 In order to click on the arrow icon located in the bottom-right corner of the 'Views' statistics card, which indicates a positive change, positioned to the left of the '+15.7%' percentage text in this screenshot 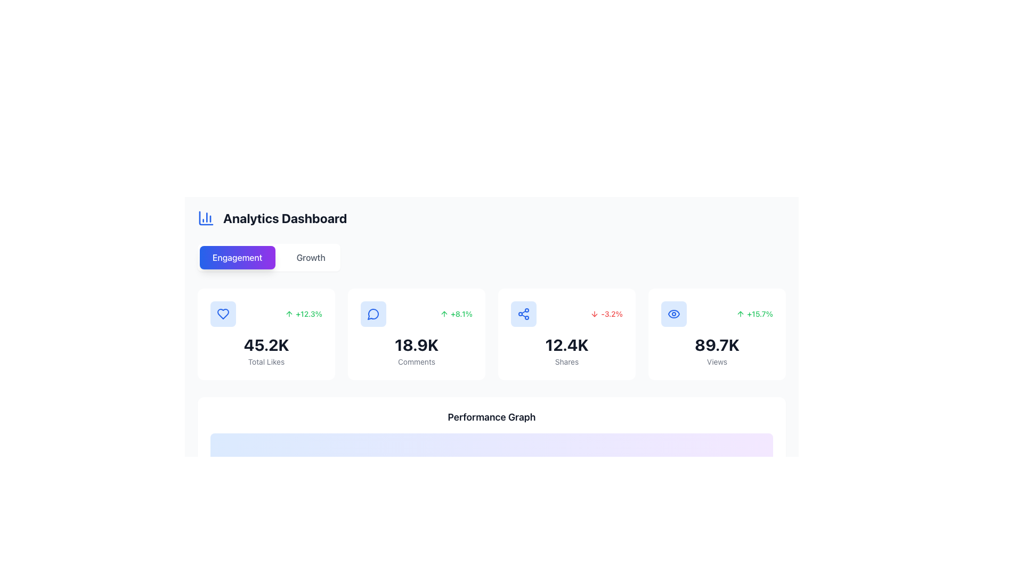, I will do `click(740, 314)`.